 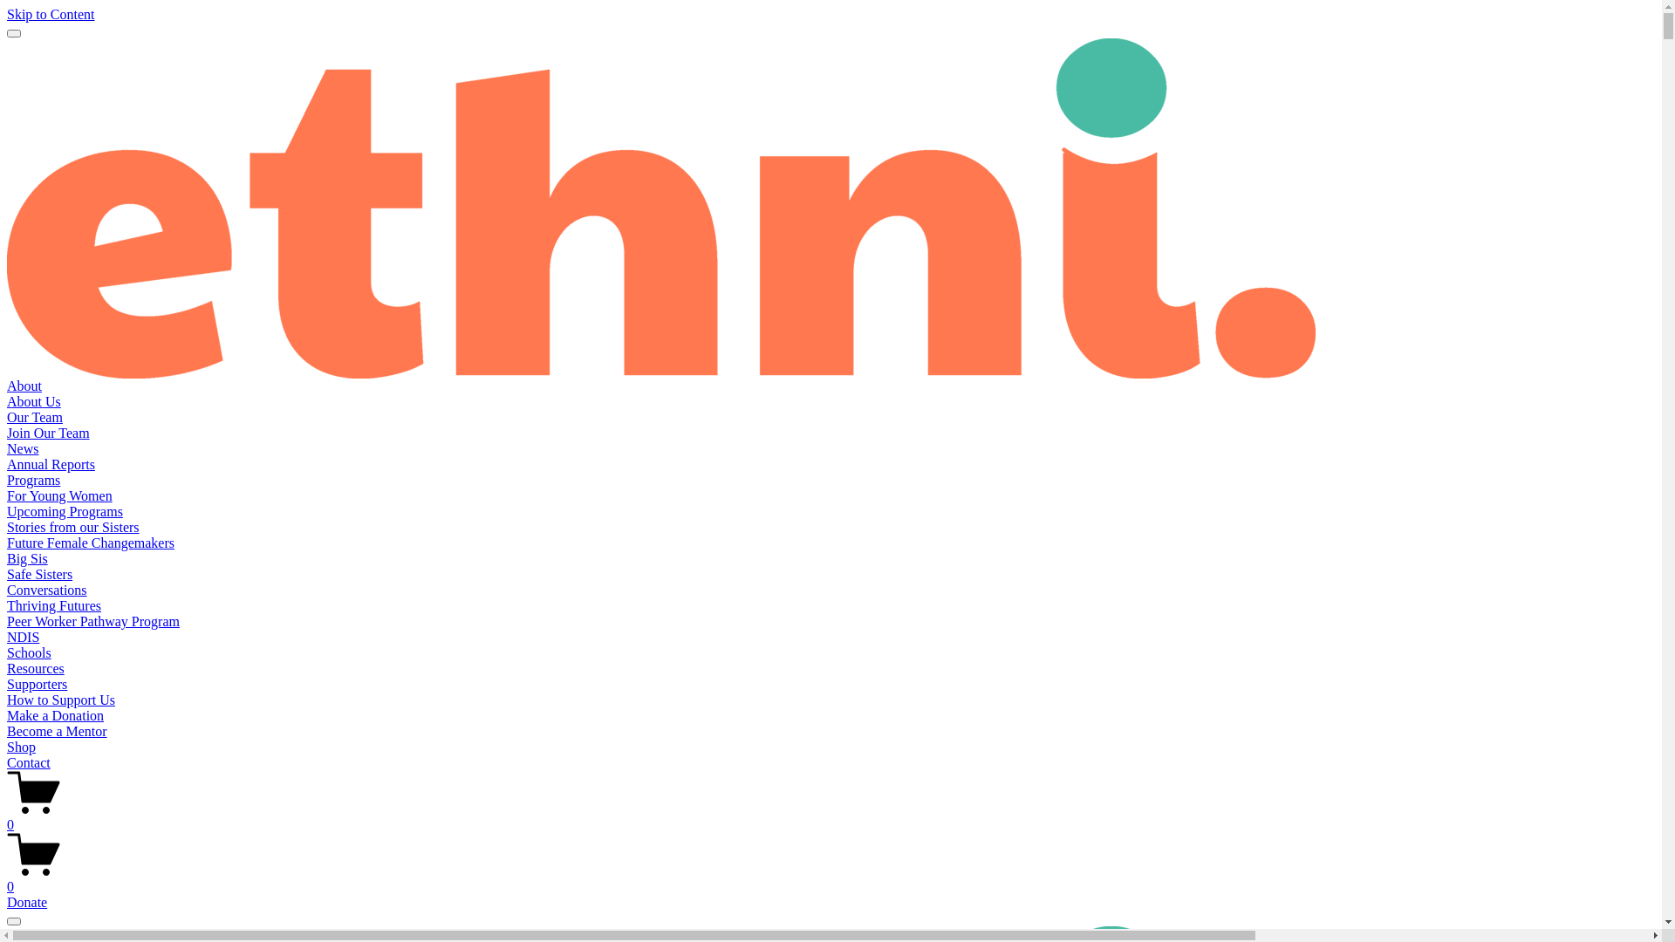 I want to click on 'Shop', so click(x=21, y=746).